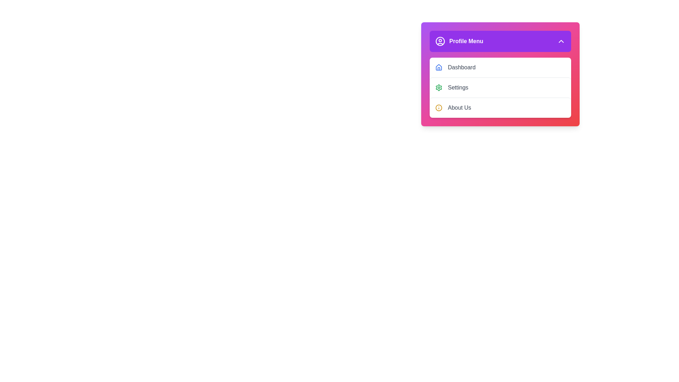  Describe the element at coordinates (500, 87) in the screenshot. I see `the menu item Settings from the Profile Menu` at that location.